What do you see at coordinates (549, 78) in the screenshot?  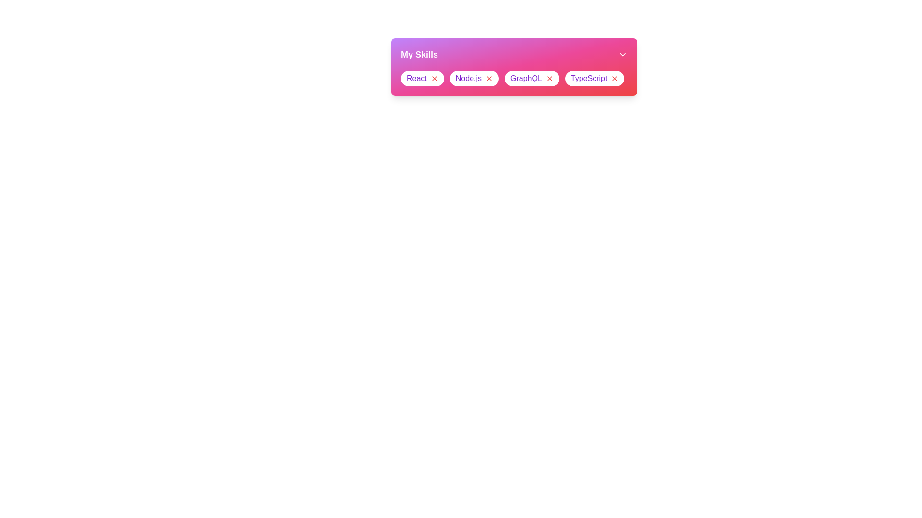 I see `the close button of the skill chip labeled GraphQL` at bounding box center [549, 78].